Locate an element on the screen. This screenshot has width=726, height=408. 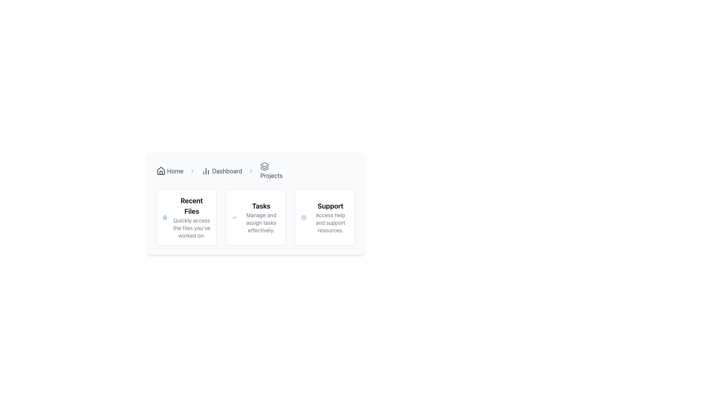
the 'Home' breadcrumb navigation link, which features a house-shaped icon followed by the text 'Home', located at the top-left corner of the interface is located at coordinates (169, 171).